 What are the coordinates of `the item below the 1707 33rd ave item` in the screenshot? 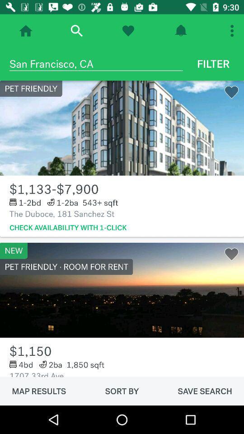 It's located at (38, 391).